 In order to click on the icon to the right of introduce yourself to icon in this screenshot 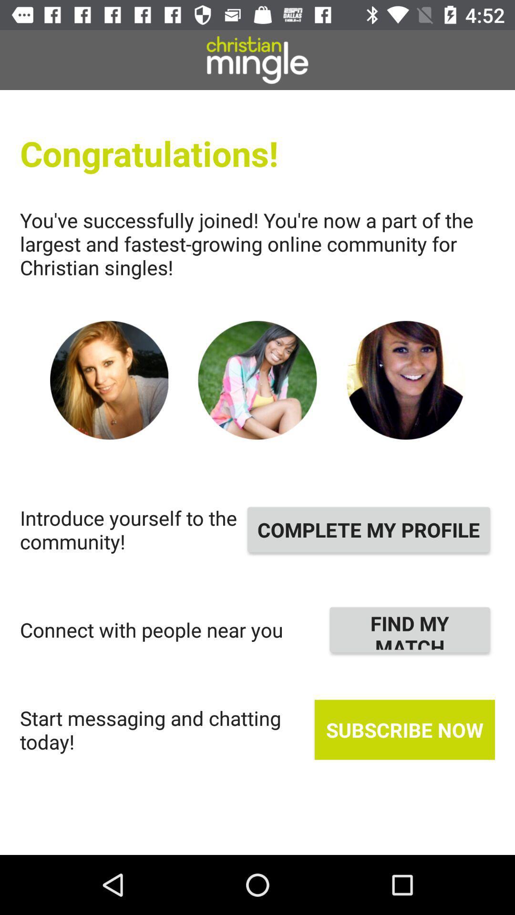, I will do `click(368, 529)`.